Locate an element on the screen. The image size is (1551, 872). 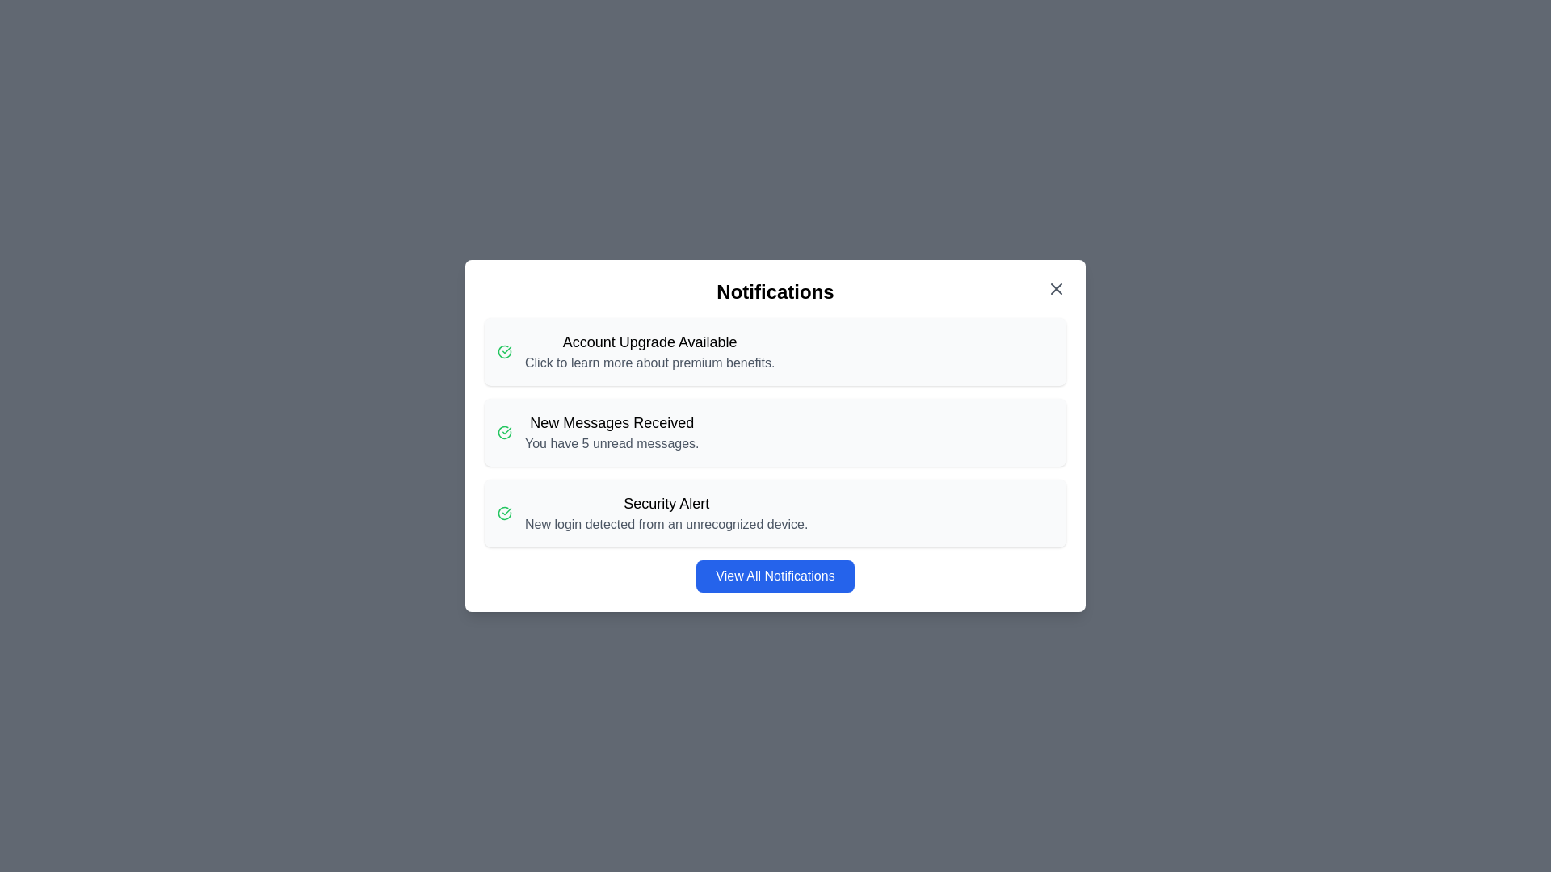
the small 'X' shaped icon with a dark gray outline in the top-right corner of the notification pop-up is located at coordinates (1057, 288).